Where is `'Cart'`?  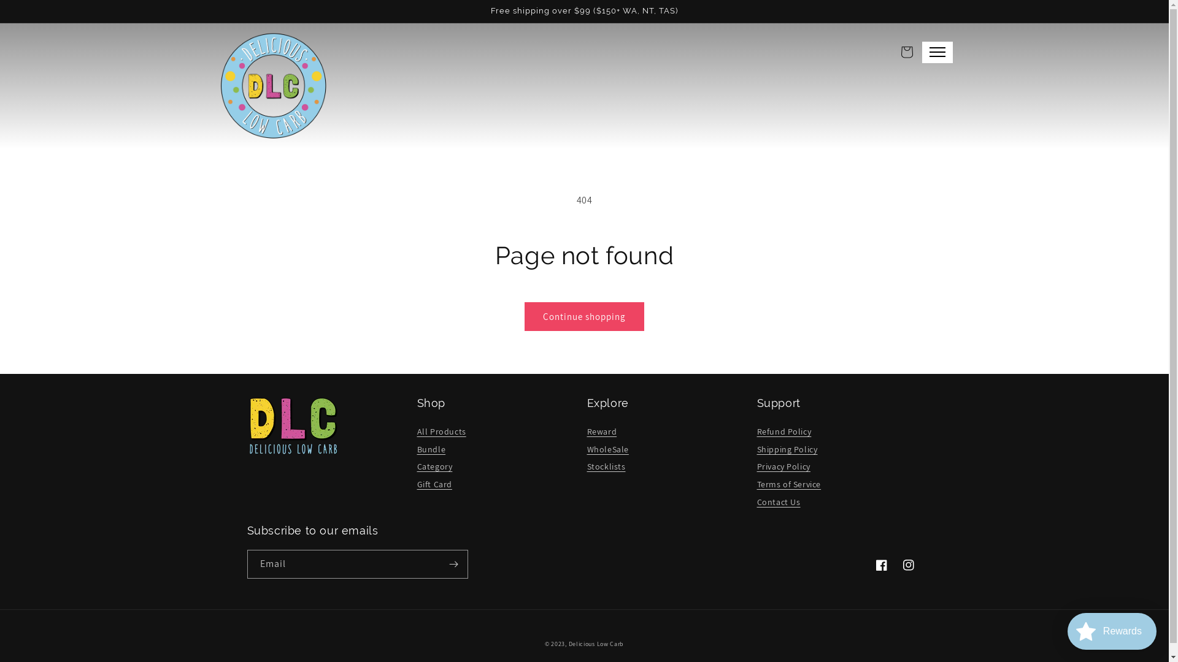 'Cart' is located at coordinates (893, 51).